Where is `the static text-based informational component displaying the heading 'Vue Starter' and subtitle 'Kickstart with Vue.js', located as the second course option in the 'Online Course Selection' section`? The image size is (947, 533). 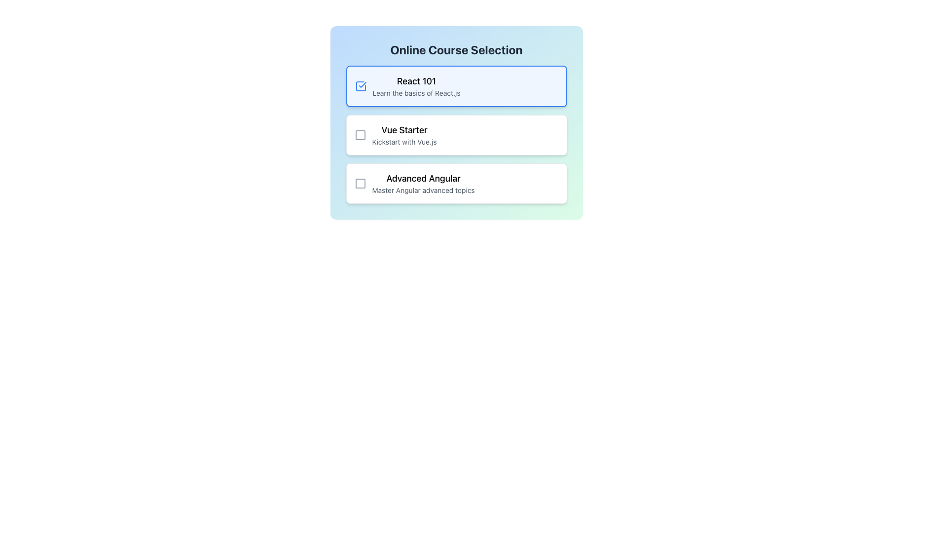
the static text-based informational component displaying the heading 'Vue Starter' and subtitle 'Kickstart with Vue.js', located as the second course option in the 'Online Course Selection' section is located at coordinates (404, 135).